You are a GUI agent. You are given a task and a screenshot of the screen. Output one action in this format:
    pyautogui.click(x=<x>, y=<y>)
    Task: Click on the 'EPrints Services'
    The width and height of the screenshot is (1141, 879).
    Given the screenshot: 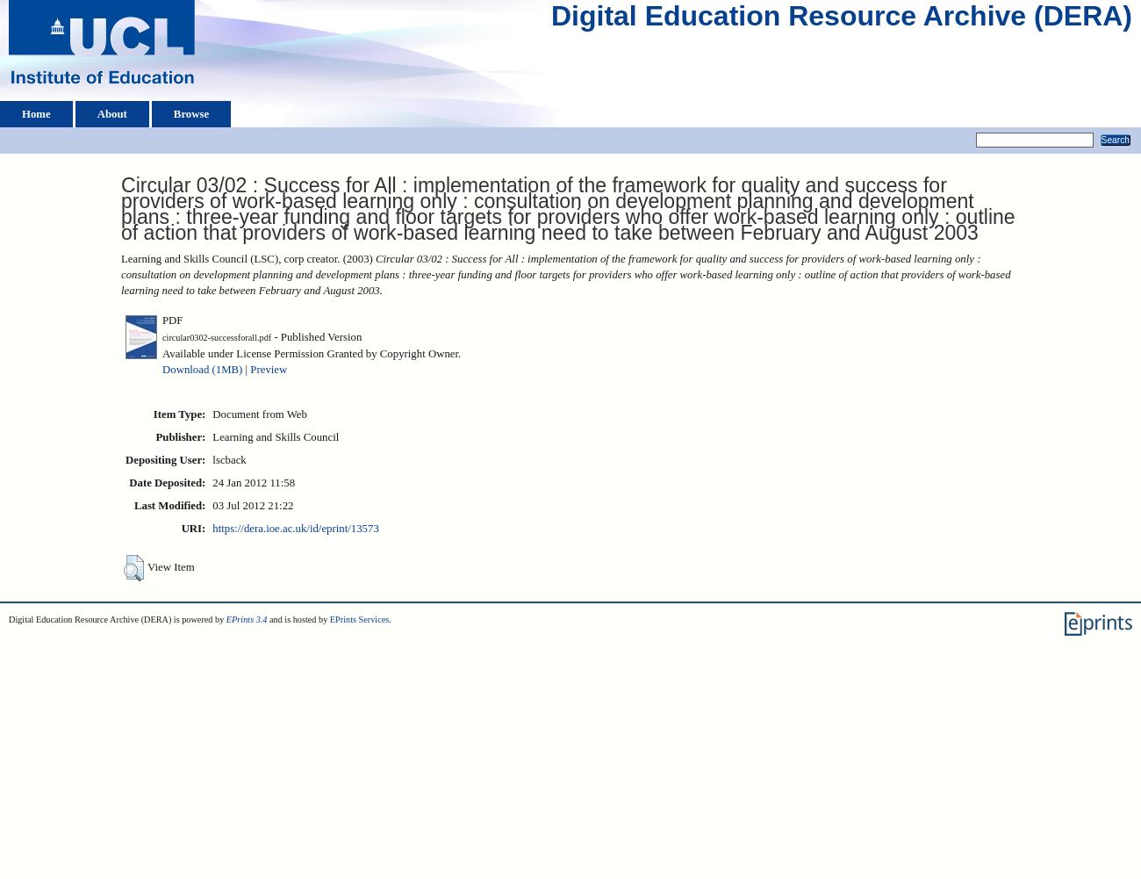 What is the action you would take?
    pyautogui.click(x=358, y=618)
    